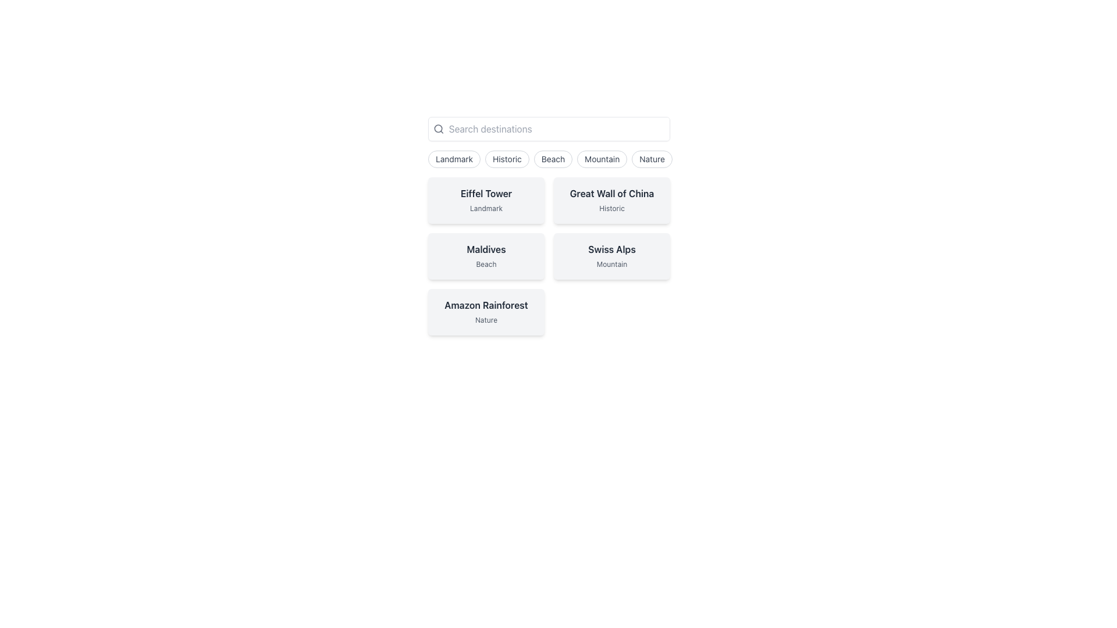  Describe the element at coordinates (486, 199) in the screenshot. I see `the display card labeled 'Eiffel Tower' which is located in the upper-left of the grid layout, serving as a visual representation of this landmark` at that location.